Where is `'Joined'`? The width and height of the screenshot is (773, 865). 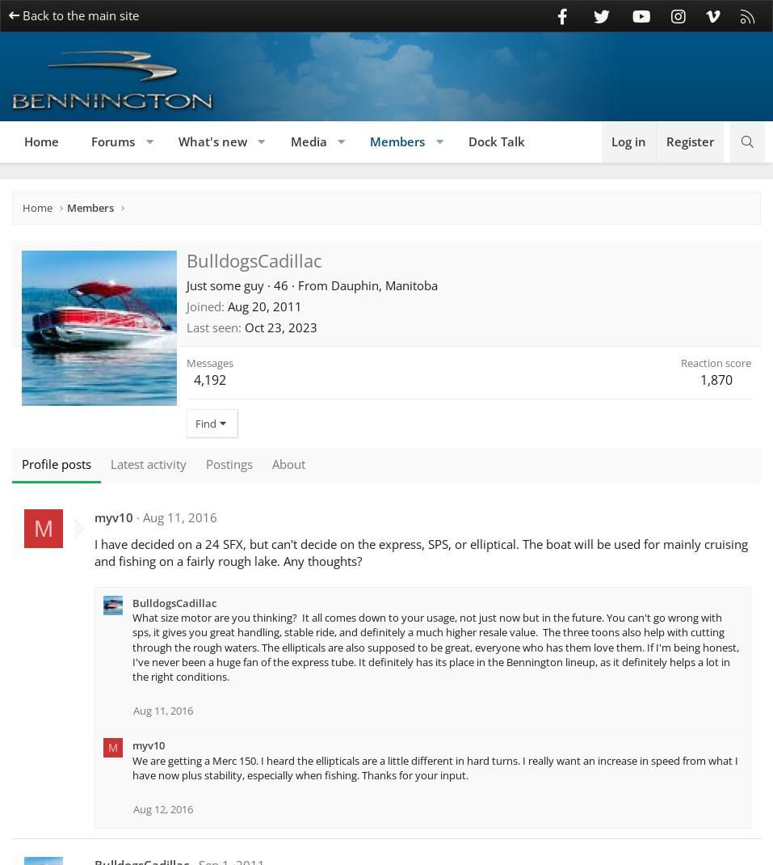 'Joined' is located at coordinates (203, 305).